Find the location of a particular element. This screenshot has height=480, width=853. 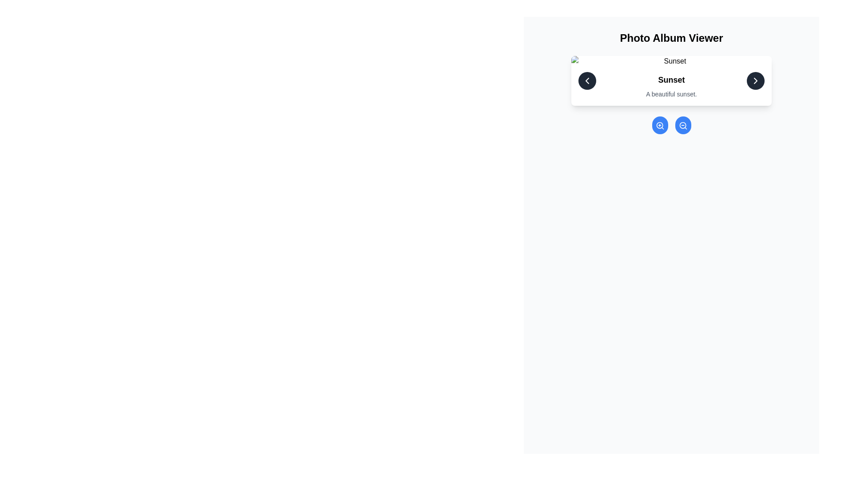

the circular button with a blue background and a white magnifying glass icon at its center is located at coordinates (682, 125).